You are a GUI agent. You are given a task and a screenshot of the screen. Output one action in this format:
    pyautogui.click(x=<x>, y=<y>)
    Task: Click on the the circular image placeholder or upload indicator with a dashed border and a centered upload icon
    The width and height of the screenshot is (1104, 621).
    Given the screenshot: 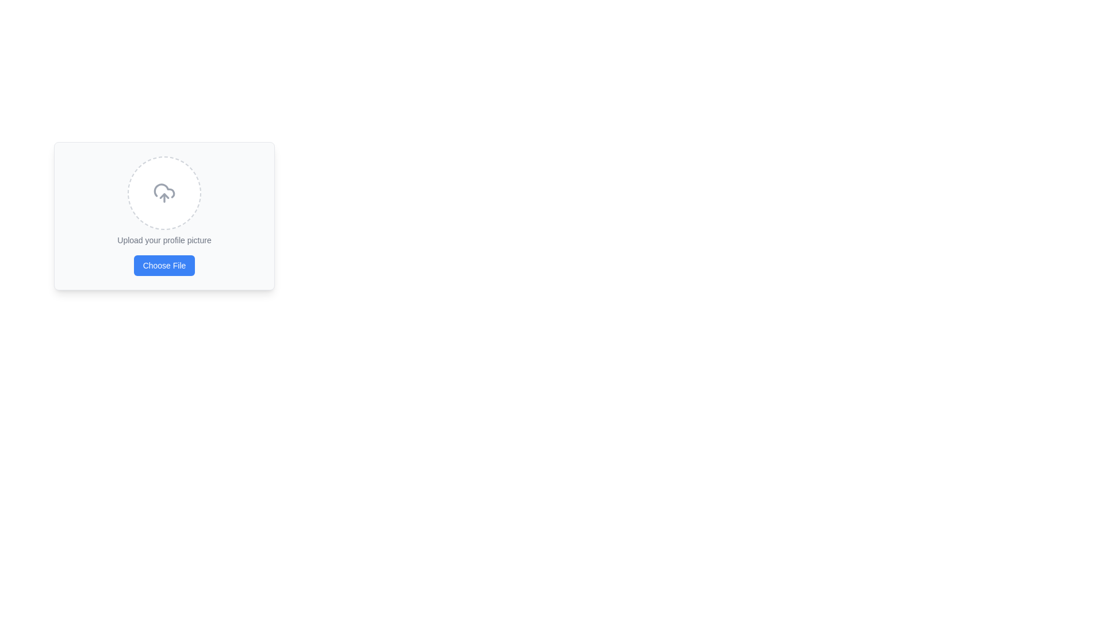 What is the action you would take?
    pyautogui.click(x=163, y=192)
    